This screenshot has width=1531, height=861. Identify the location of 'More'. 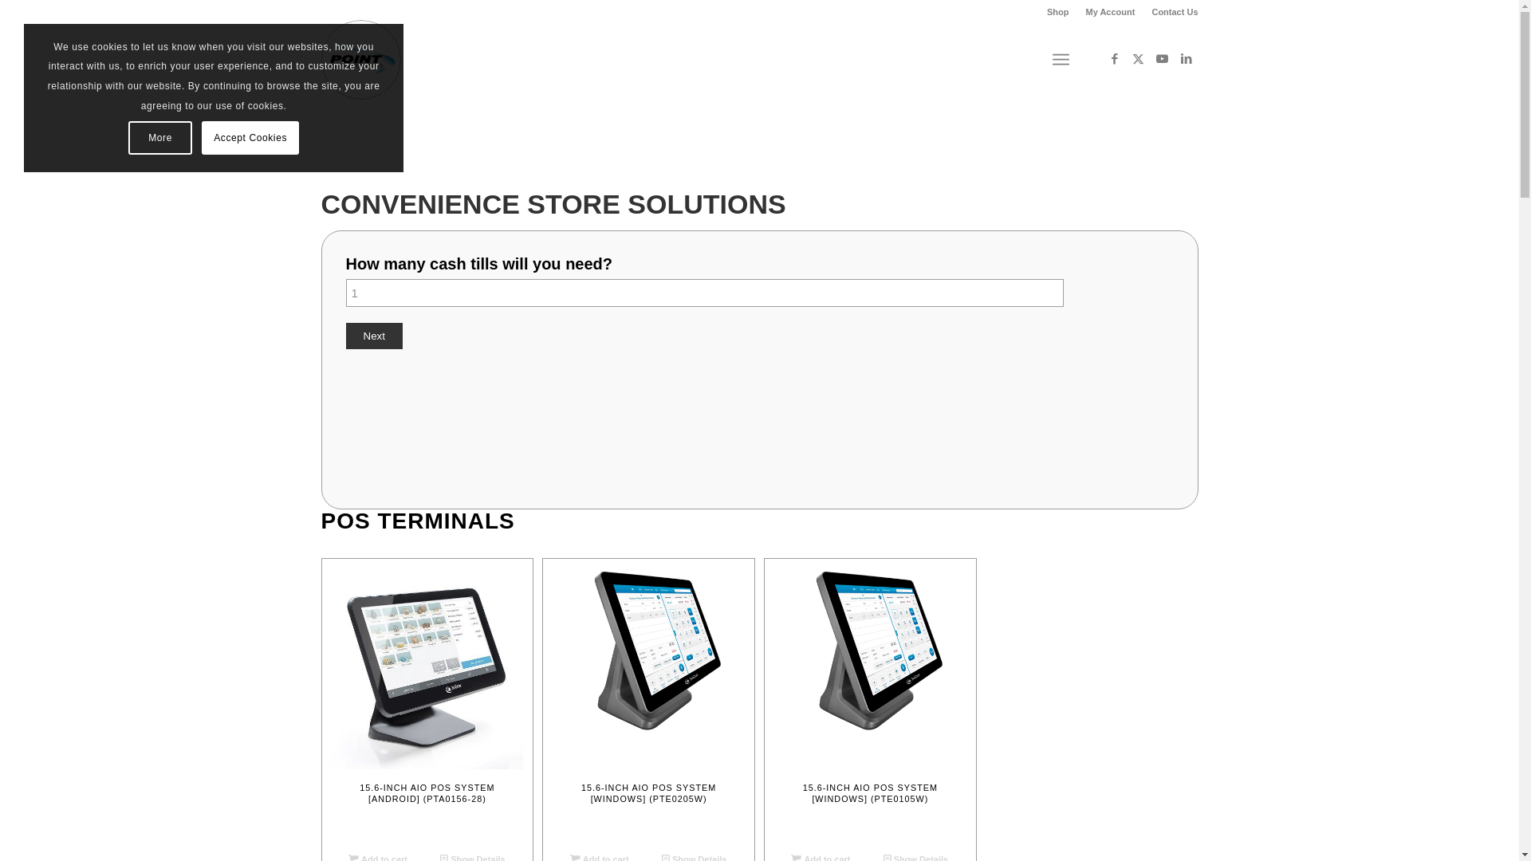
(160, 137).